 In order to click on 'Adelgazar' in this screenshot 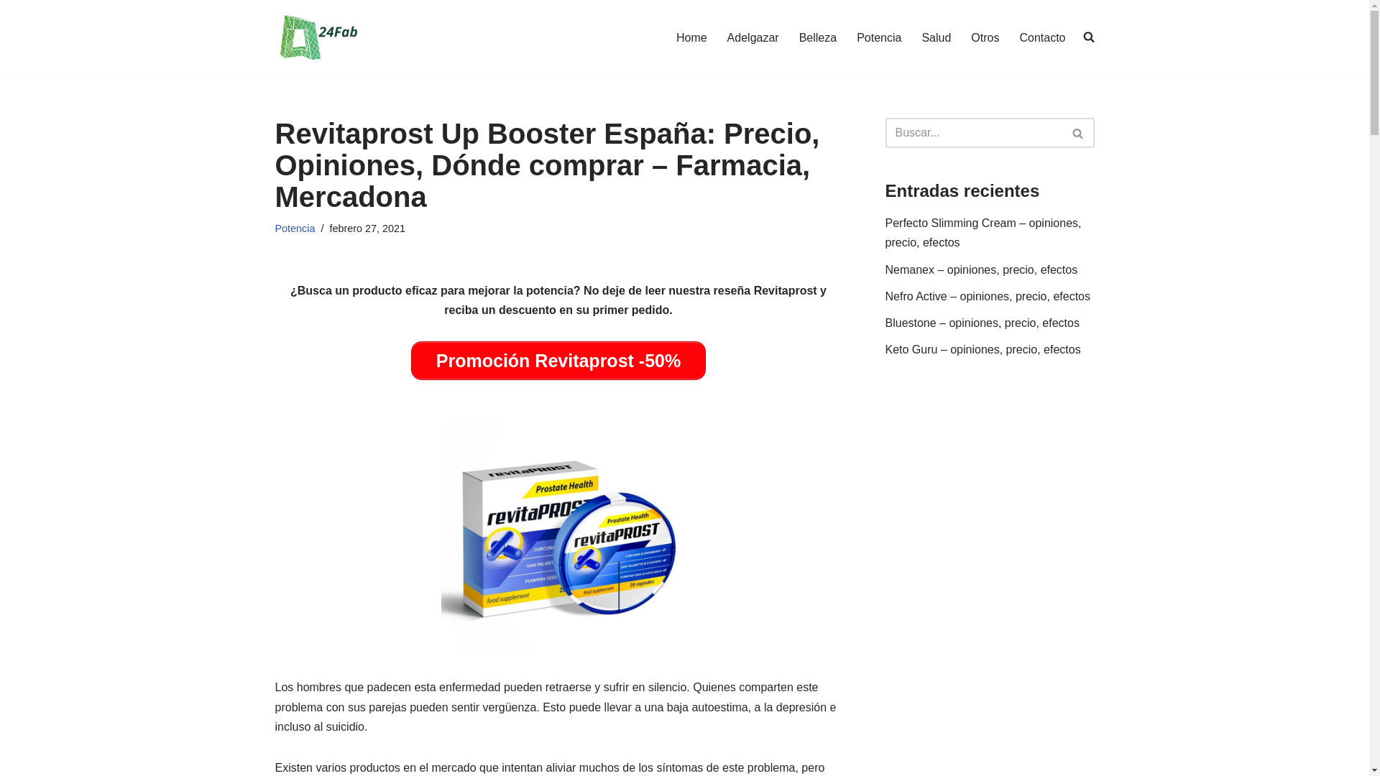, I will do `click(752, 37)`.